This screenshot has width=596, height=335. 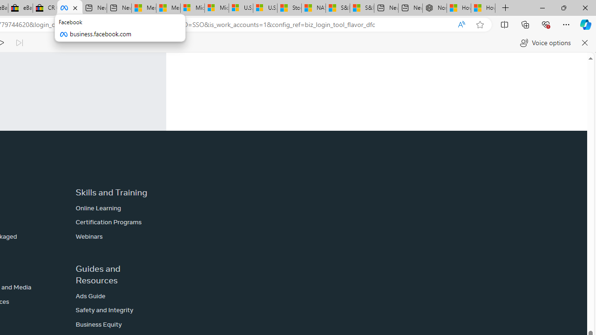 I want to click on 'Voice options', so click(x=545, y=43).